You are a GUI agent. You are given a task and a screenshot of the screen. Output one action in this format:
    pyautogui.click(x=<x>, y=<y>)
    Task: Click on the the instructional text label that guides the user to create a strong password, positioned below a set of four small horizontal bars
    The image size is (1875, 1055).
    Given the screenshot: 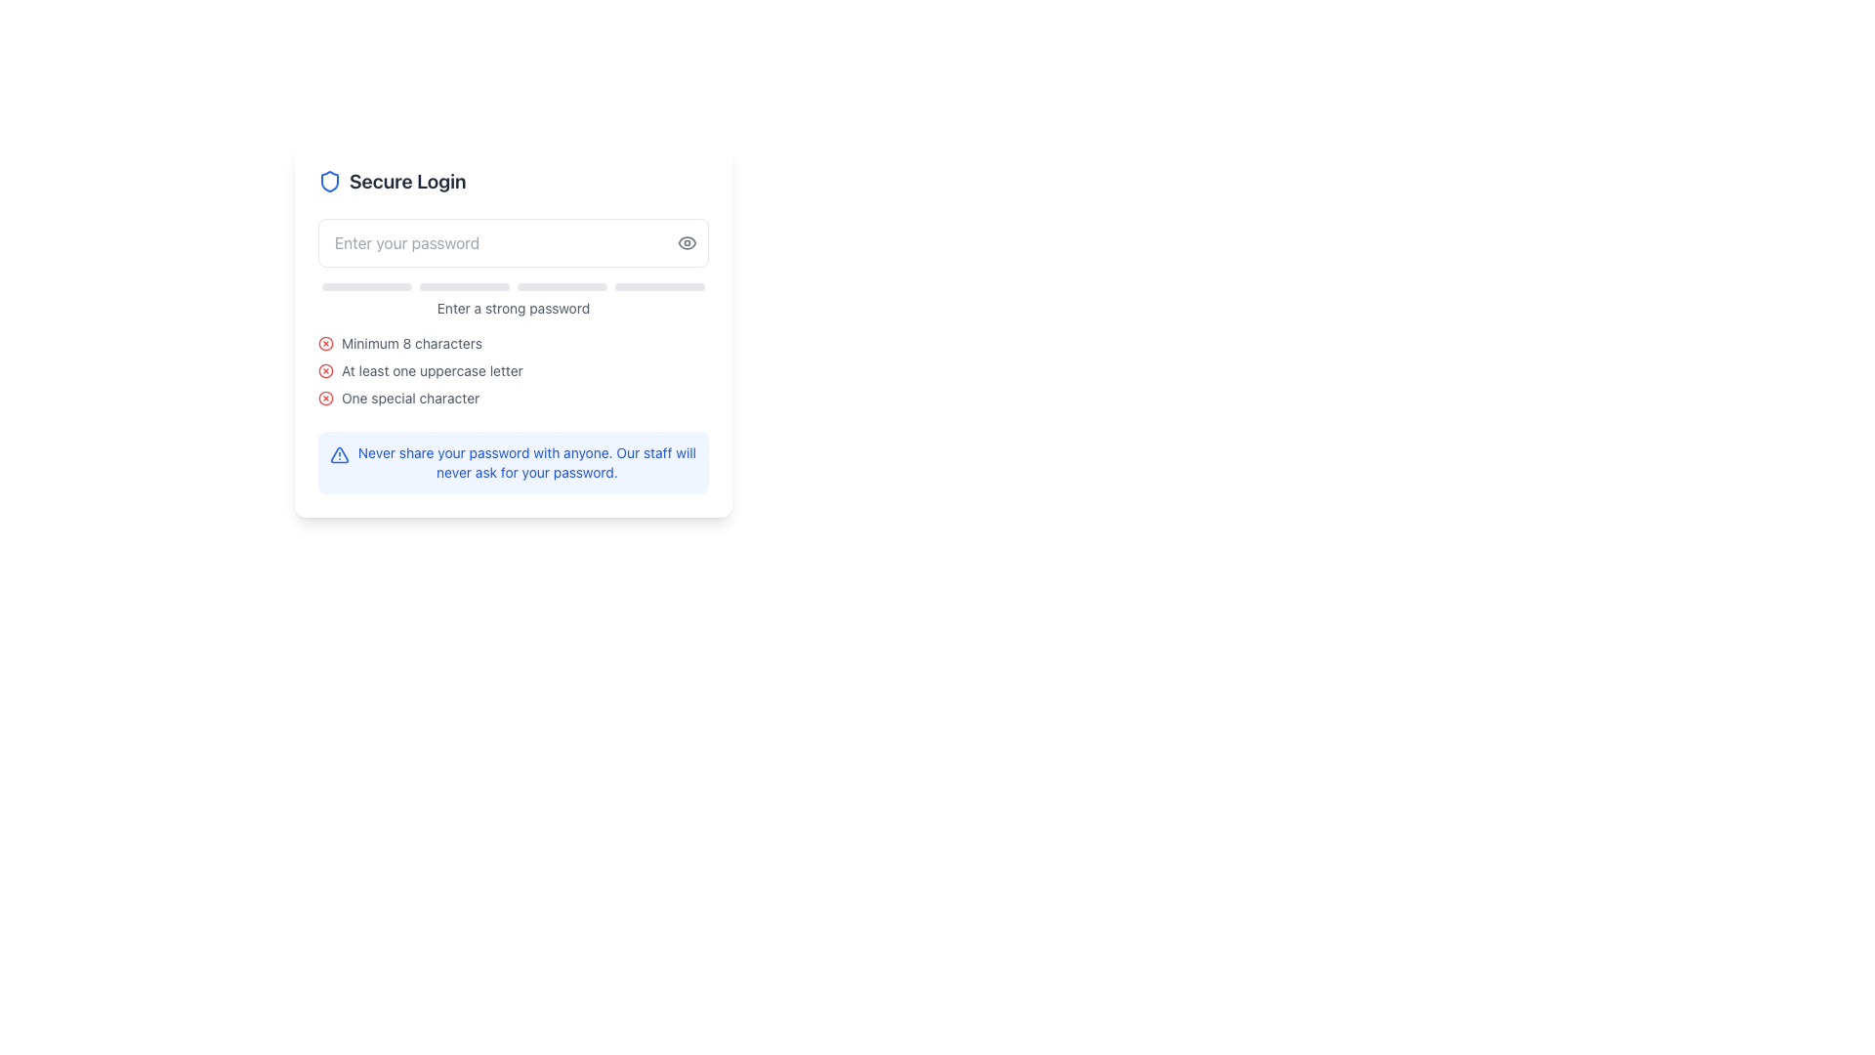 What is the action you would take?
    pyautogui.click(x=514, y=308)
    